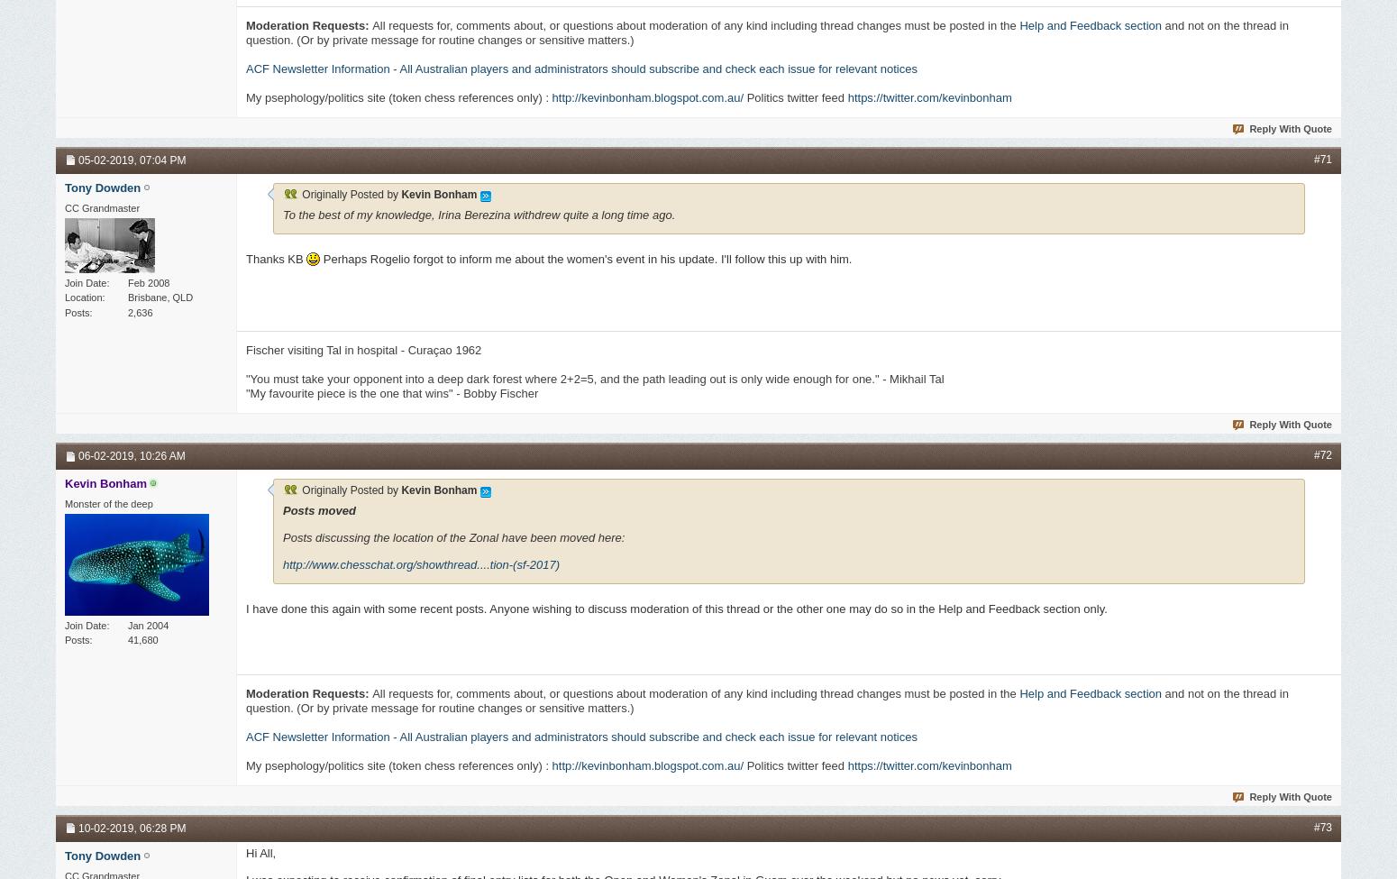  What do you see at coordinates (161, 158) in the screenshot?
I see `'07:04 PM'` at bounding box center [161, 158].